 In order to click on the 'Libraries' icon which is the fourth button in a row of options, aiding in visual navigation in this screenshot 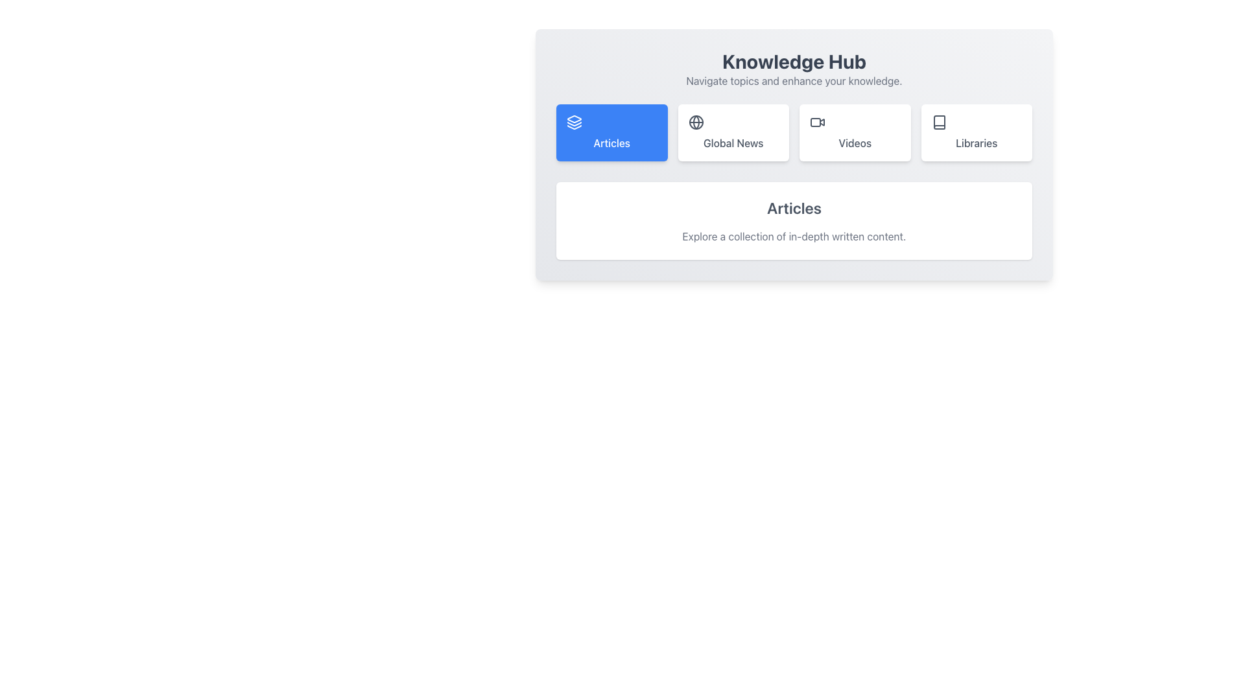, I will do `click(939, 122)`.